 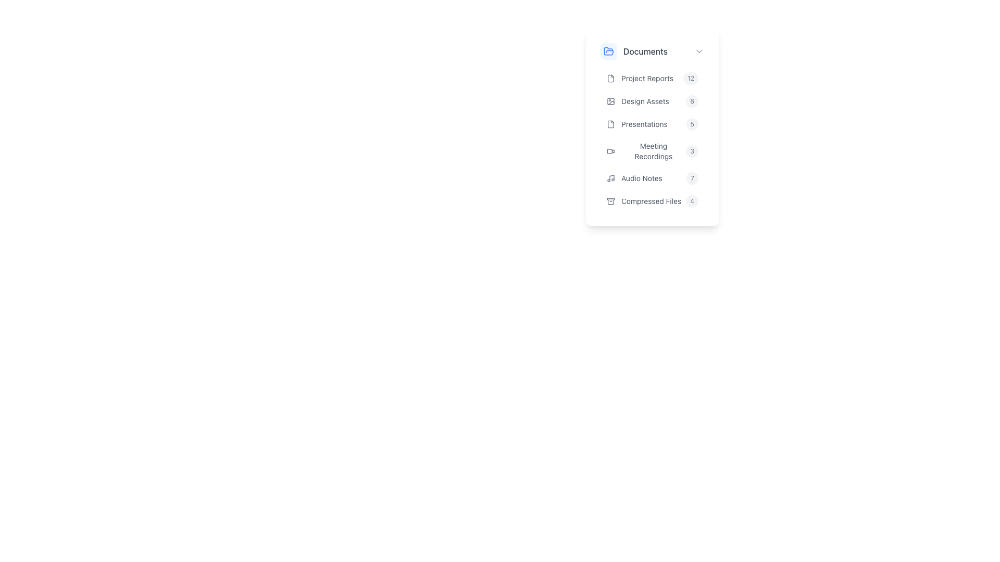 What do you see at coordinates (610, 78) in the screenshot?
I see `the 'Project Reports' icon located to the immediate left of the 'Project Reports' label in the Documents menu by moving the cursor to its center point` at bounding box center [610, 78].